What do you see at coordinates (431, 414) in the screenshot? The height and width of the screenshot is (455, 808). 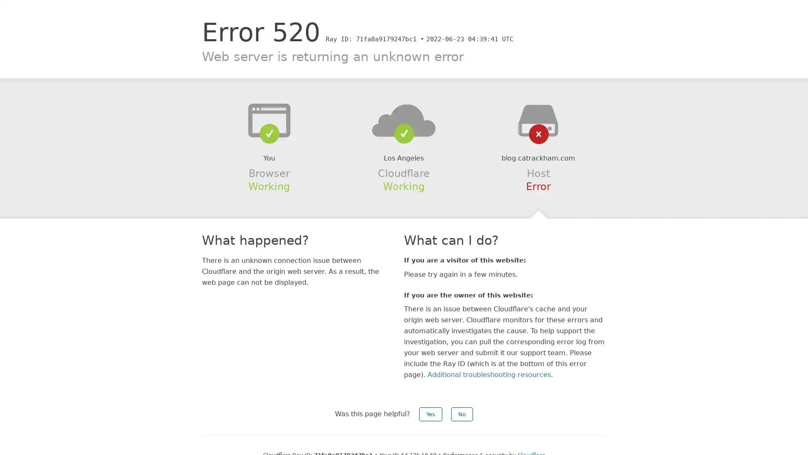 I see `Yes` at bounding box center [431, 414].